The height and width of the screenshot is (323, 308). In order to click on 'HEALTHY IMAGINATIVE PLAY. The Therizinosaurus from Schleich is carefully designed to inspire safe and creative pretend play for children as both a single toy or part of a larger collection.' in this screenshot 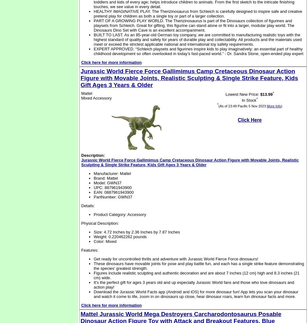, I will do `click(198, 13)`.